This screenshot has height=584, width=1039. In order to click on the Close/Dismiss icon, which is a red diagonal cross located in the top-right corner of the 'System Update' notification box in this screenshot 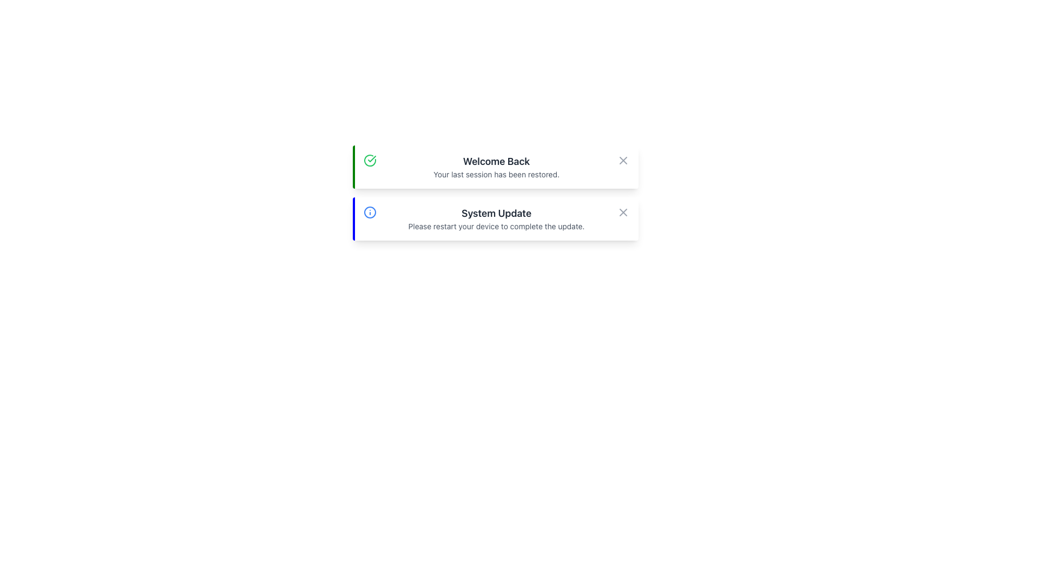, I will do `click(623, 213)`.